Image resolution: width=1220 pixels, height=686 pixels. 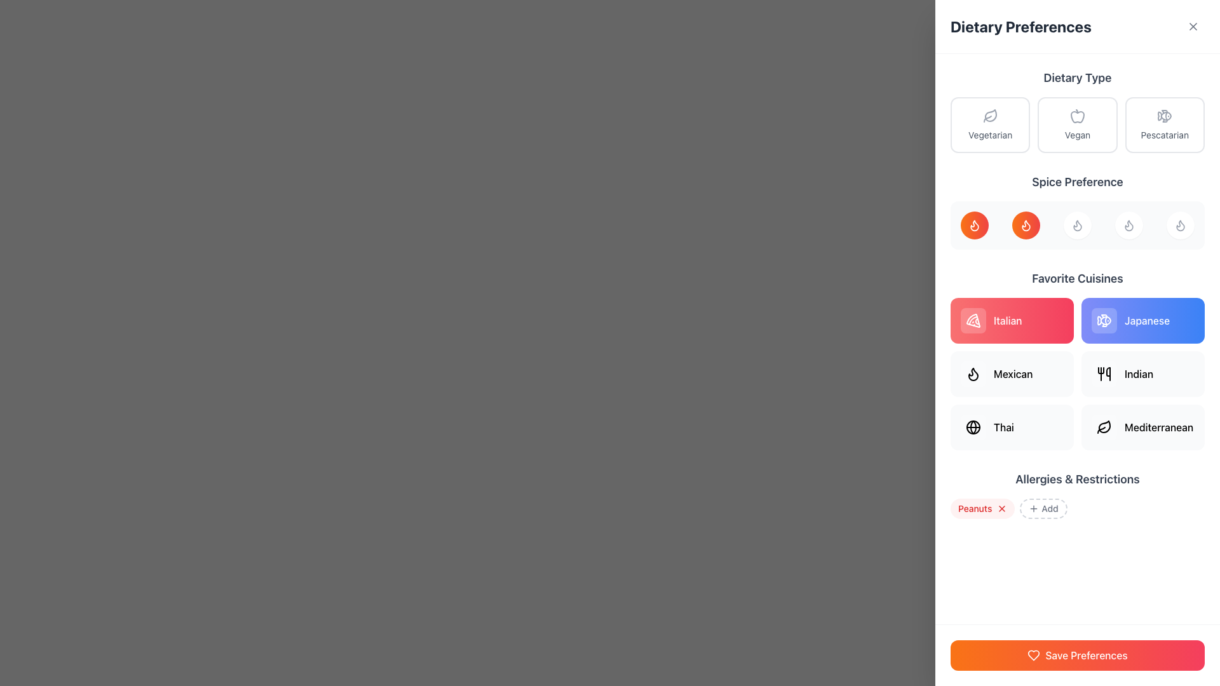 I want to click on the 'Mexican' cuisine selection icon located in the leftmost box of the second row in the 'Favorite Cuisines' grid, positioned between the 'Italian' and 'Thai' selection boxes for visual context, so click(x=972, y=373).